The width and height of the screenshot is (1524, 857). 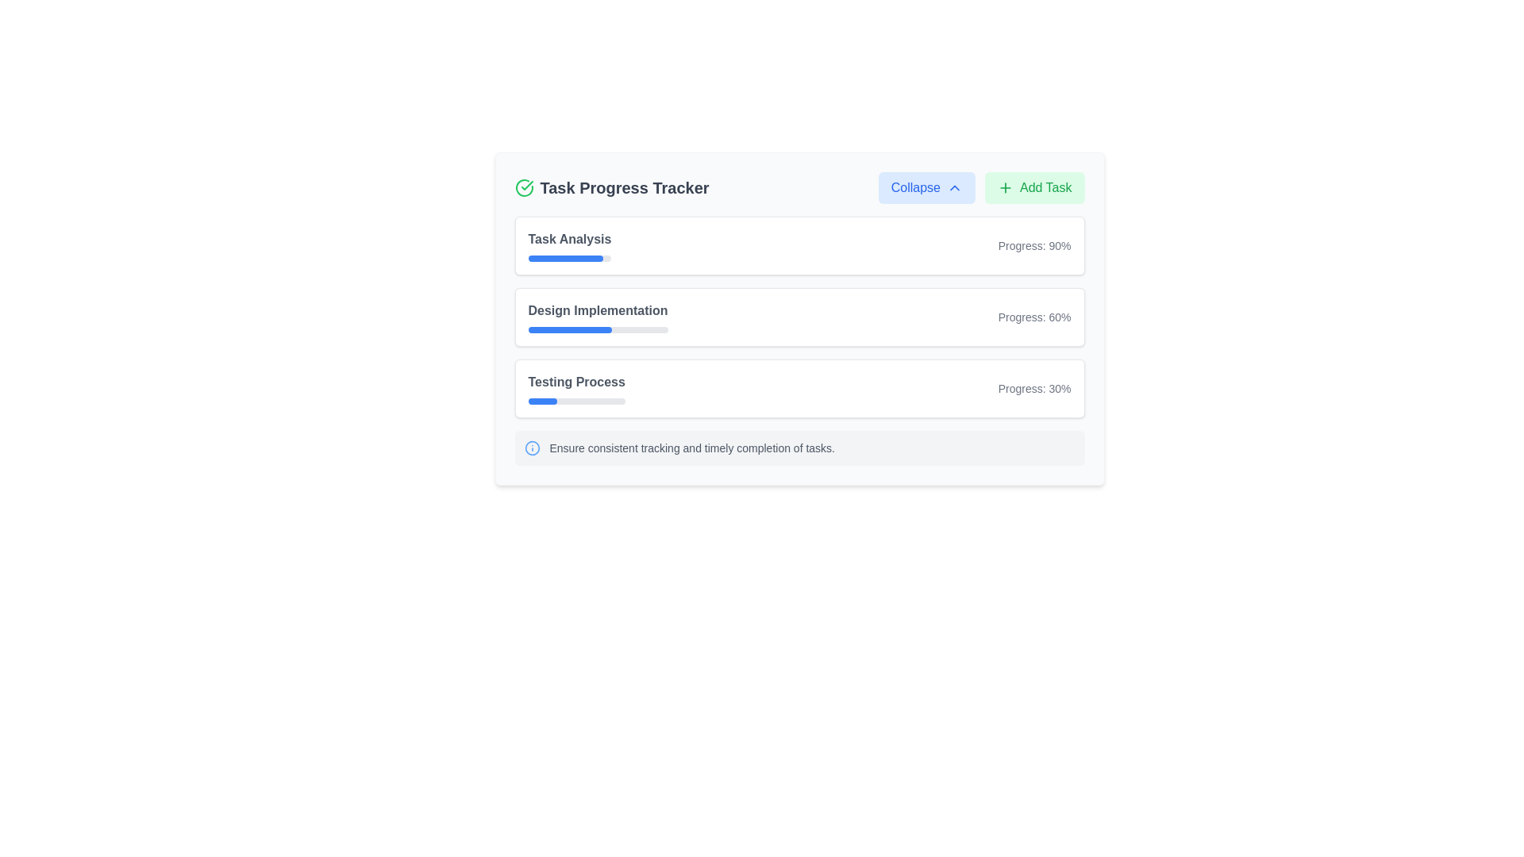 What do you see at coordinates (575, 382) in the screenshot?
I see `the text label that serves as the title for the task in the third row of the progress tracker, indicating a task with 30% completion` at bounding box center [575, 382].